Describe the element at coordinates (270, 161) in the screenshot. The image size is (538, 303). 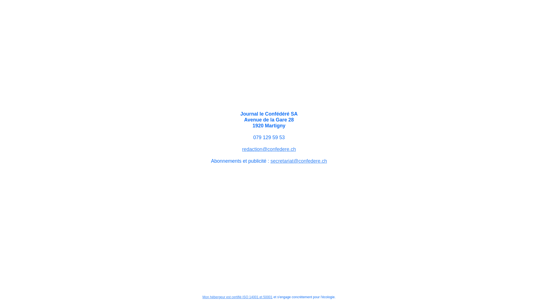
I see `'secretariat@confedere.ch'` at that location.